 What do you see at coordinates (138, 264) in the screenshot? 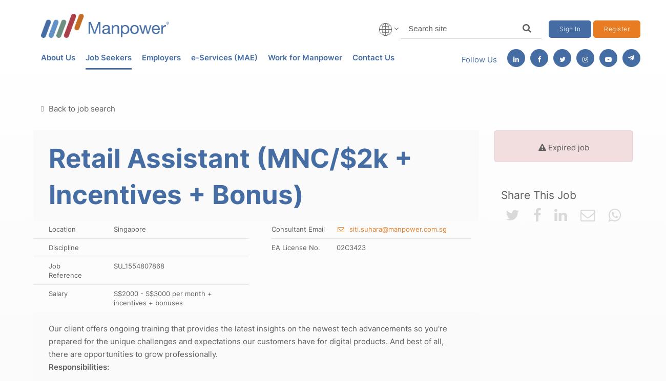
I see `'SU_1554807868'` at bounding box center [138, 264].